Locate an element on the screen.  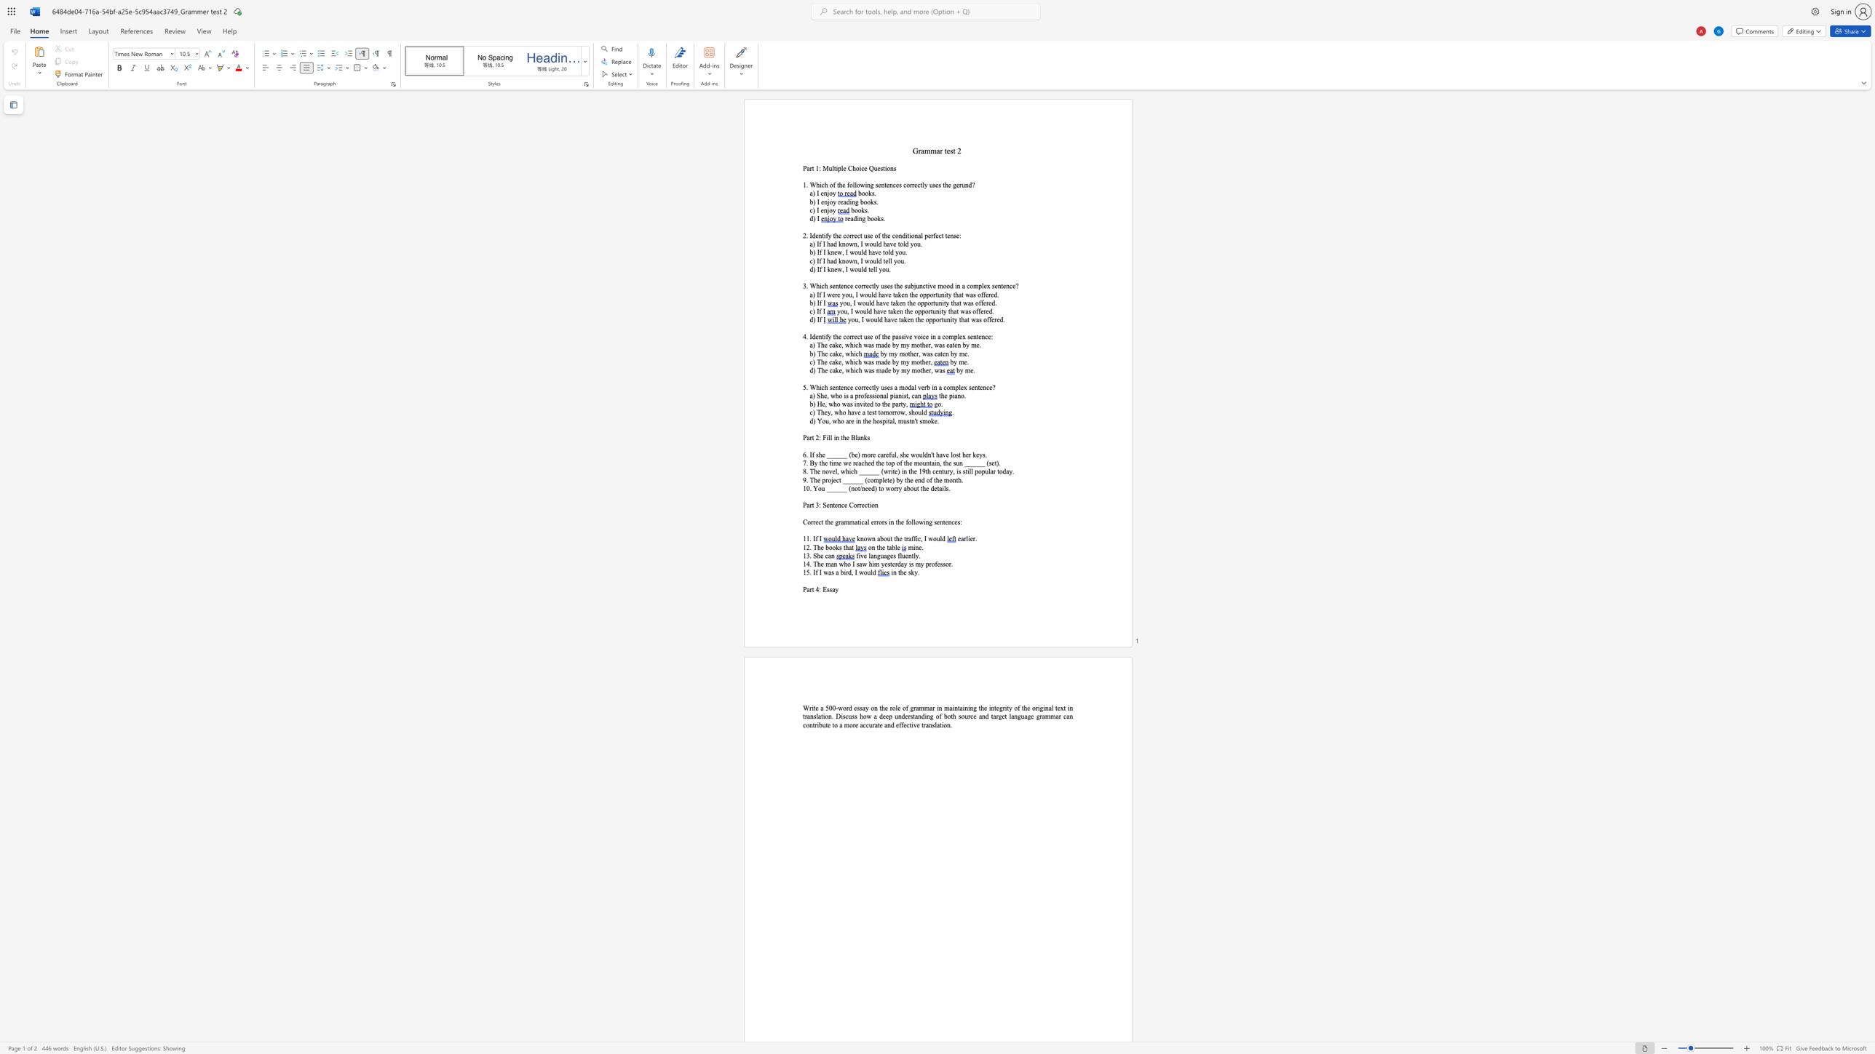
the space between the continuous character "l" and "a" in the text is located at coordinates (857, 436).